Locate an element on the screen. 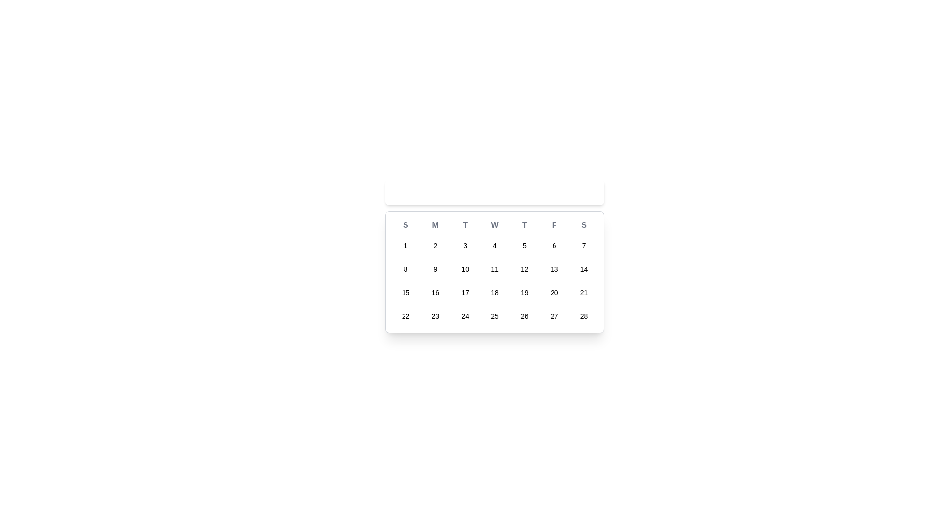  the selectable cell displaying the number '17' in the calendar grid is located at coordinates (465, 292).